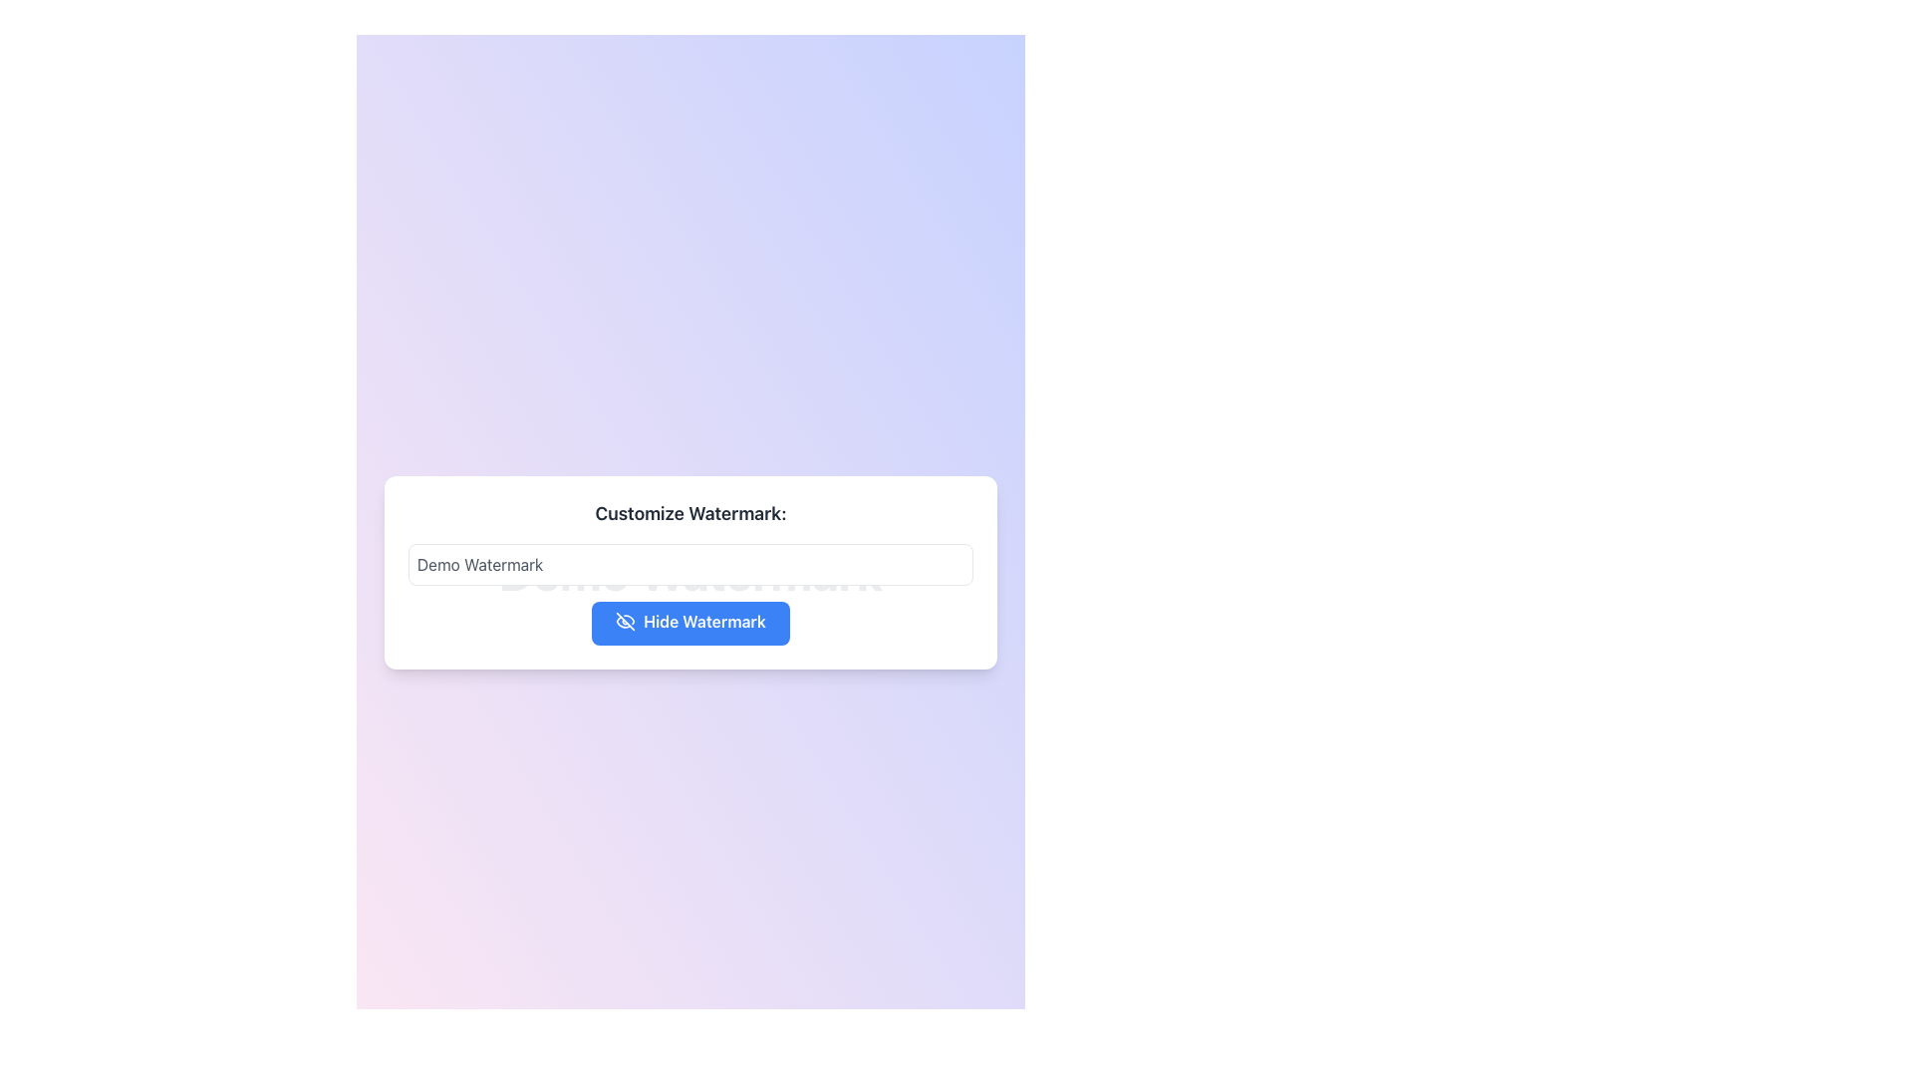  I want to click on the Icon that is located to the left of the 'Hide Watermark' button's text label, so click(625, 621).